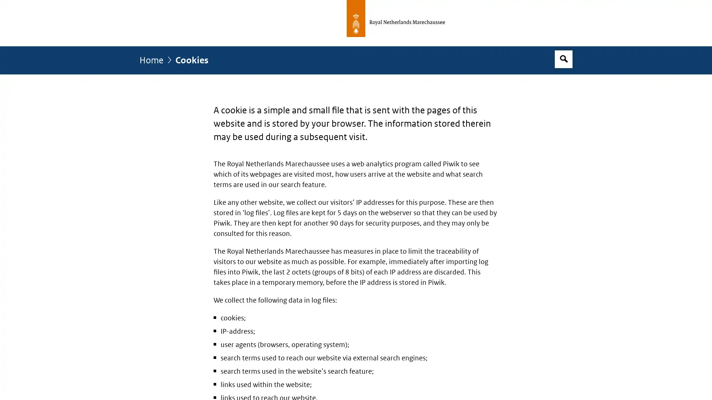 This screenshot has width=712, height=400. What do you see at coordinates (564, 59) in the screenshot?
I see `Open search box` at bounding box center [564, 59].